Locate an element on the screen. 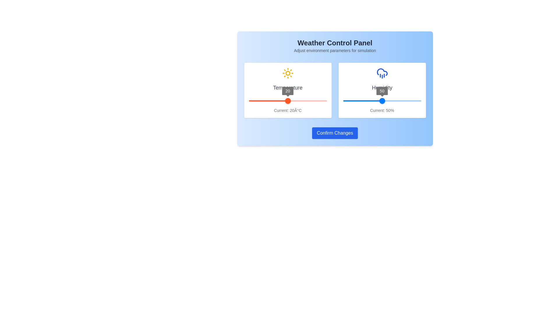 Image resolution: width=559 pixels, height=314 pixels. the visual slider rail of the 'Humidity' slider in the 'Weather Control Panel', which is a thin horizontal bar positioned between the 'Current: 50%' text and the '50' value indicator is located at coordinates (382, 101).